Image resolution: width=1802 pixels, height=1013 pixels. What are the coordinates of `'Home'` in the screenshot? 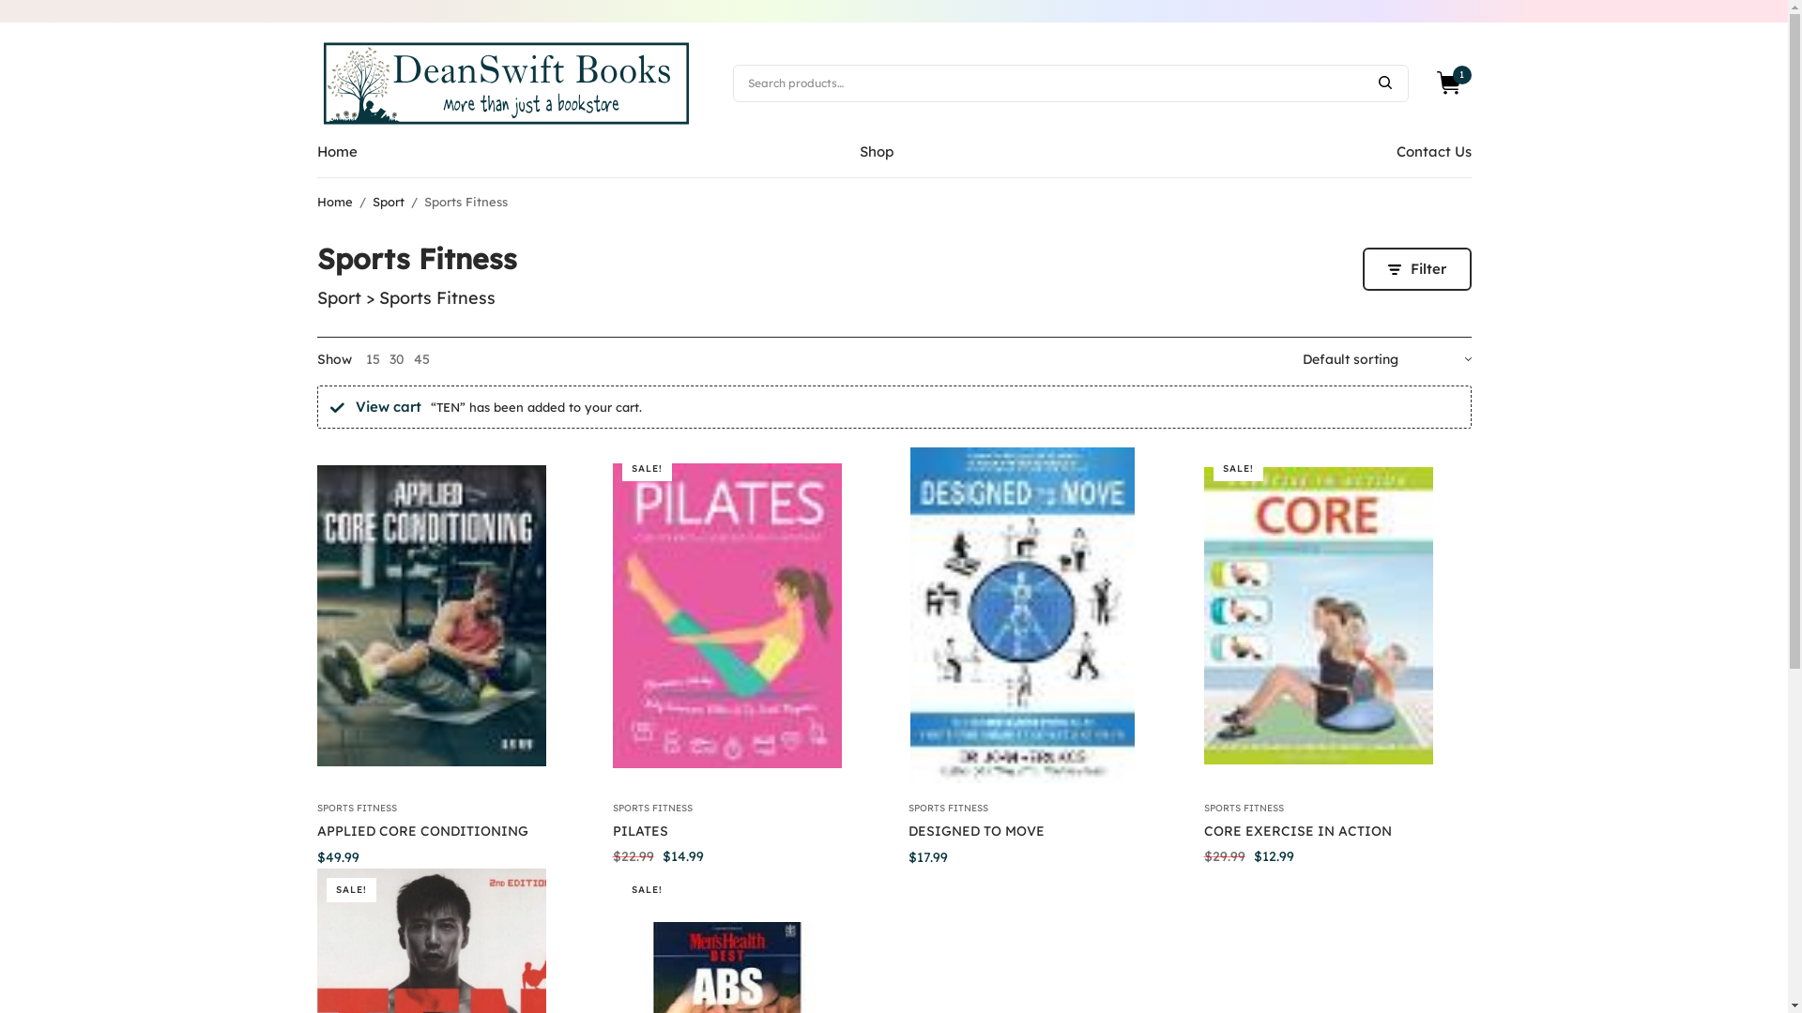 It's located at (334, 202).